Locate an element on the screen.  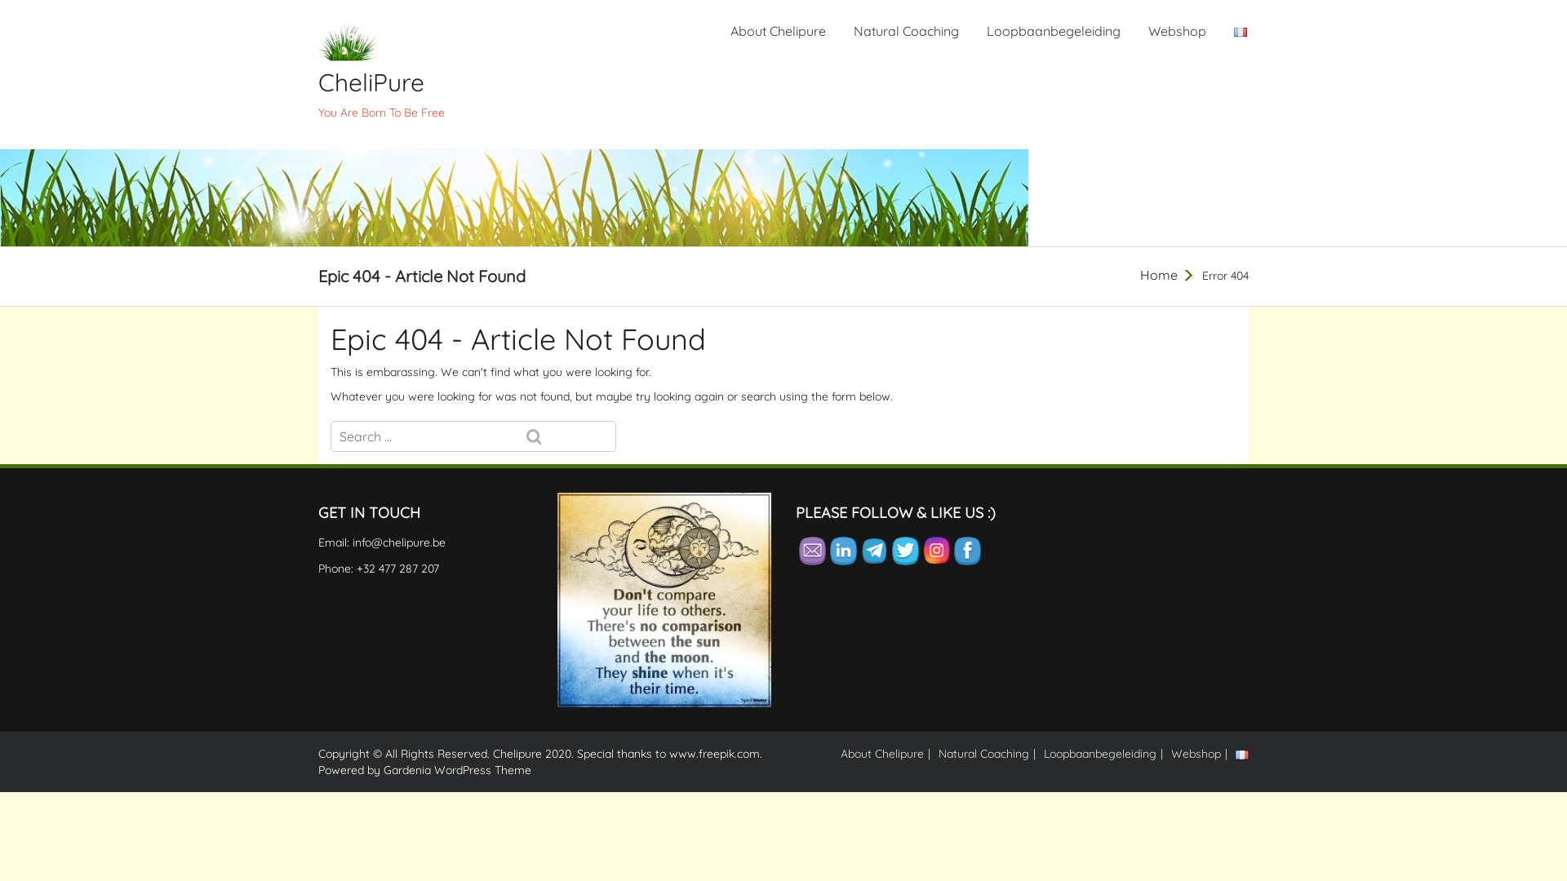
'Natural Coaching' is located at coordinates (983, 754).